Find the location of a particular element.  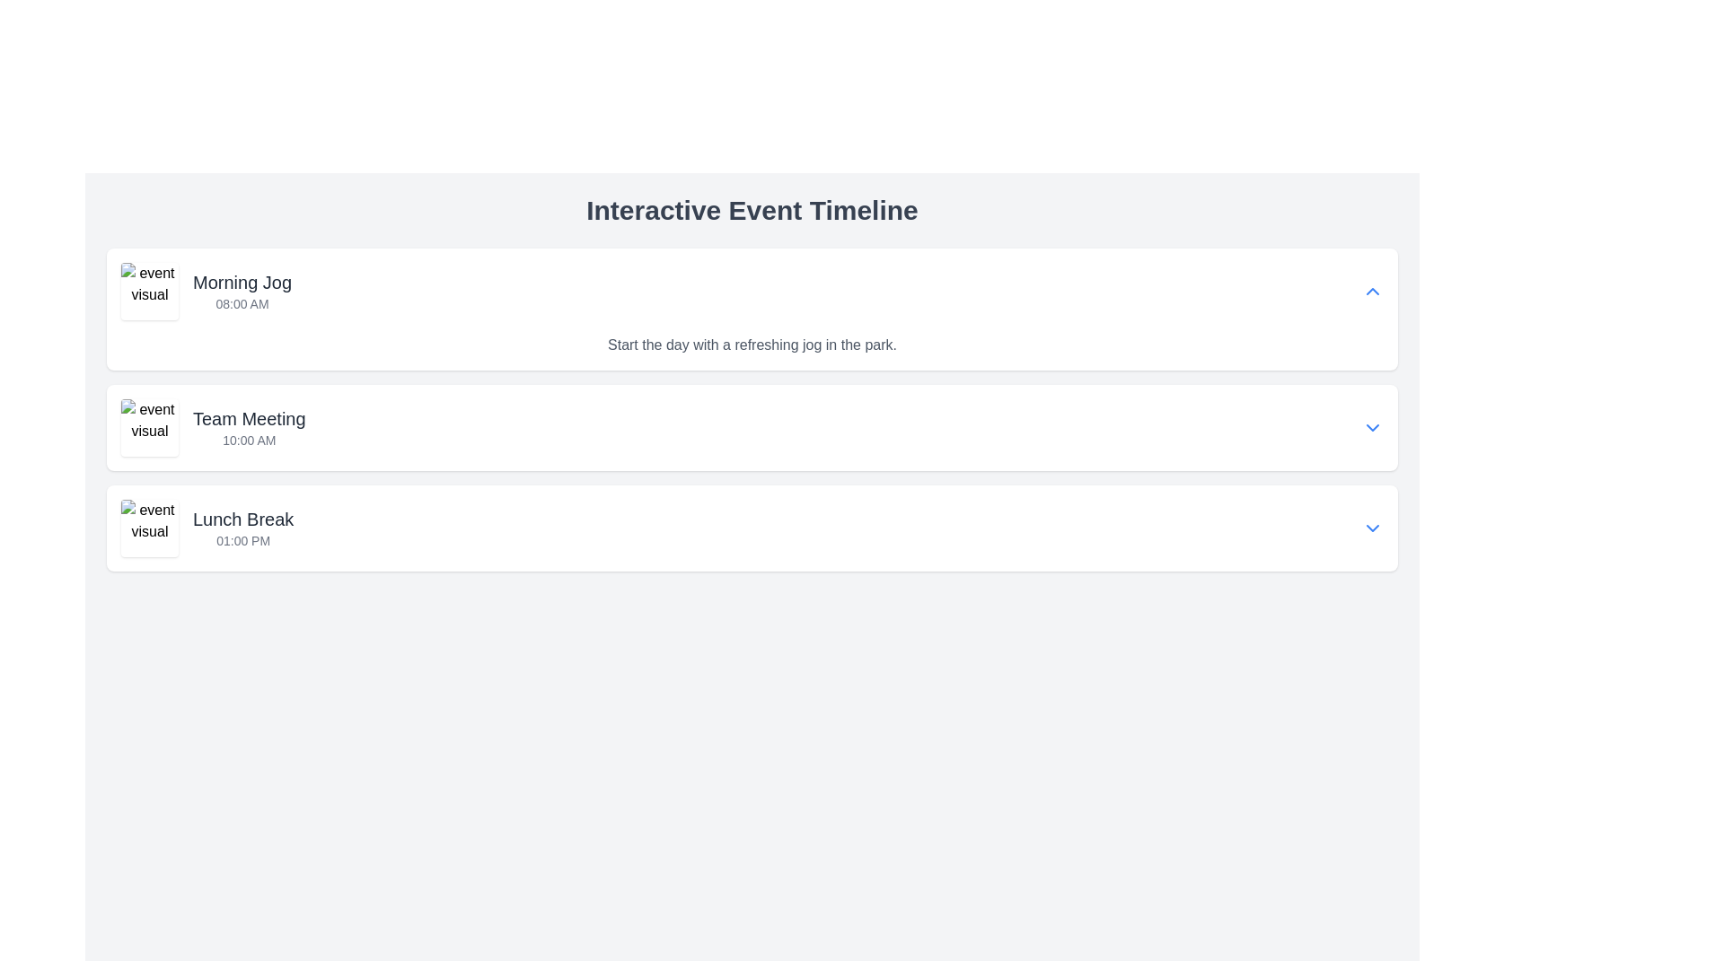

the text snippet displaying '01:00 PM' which is styled in small gray text and located directly beneath the 'Lunch Break' header in the third event card is located at coordinates (242, 539).